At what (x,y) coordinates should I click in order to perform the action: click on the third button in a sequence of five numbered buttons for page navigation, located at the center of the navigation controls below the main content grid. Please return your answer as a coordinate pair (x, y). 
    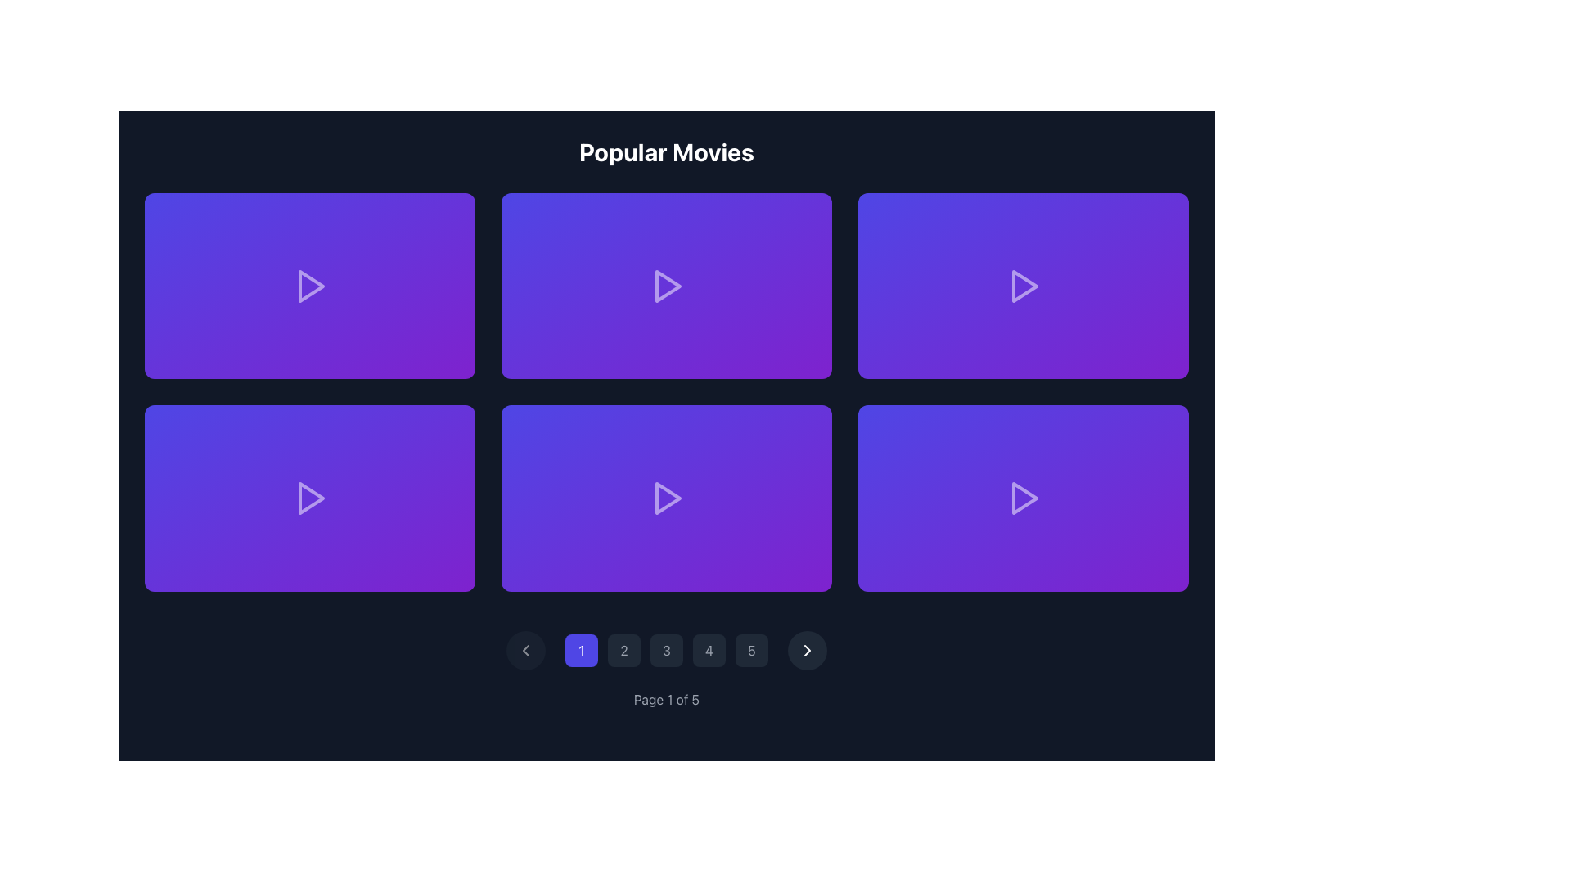
    Looking at the image, I should click on (667, 649).